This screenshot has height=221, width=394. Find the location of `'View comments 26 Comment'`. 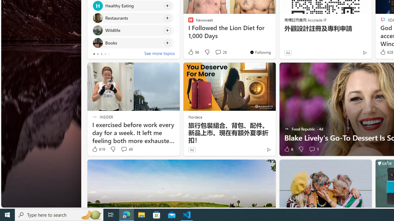

'View comments 26 Comment' is located at coordinates (218, 52).